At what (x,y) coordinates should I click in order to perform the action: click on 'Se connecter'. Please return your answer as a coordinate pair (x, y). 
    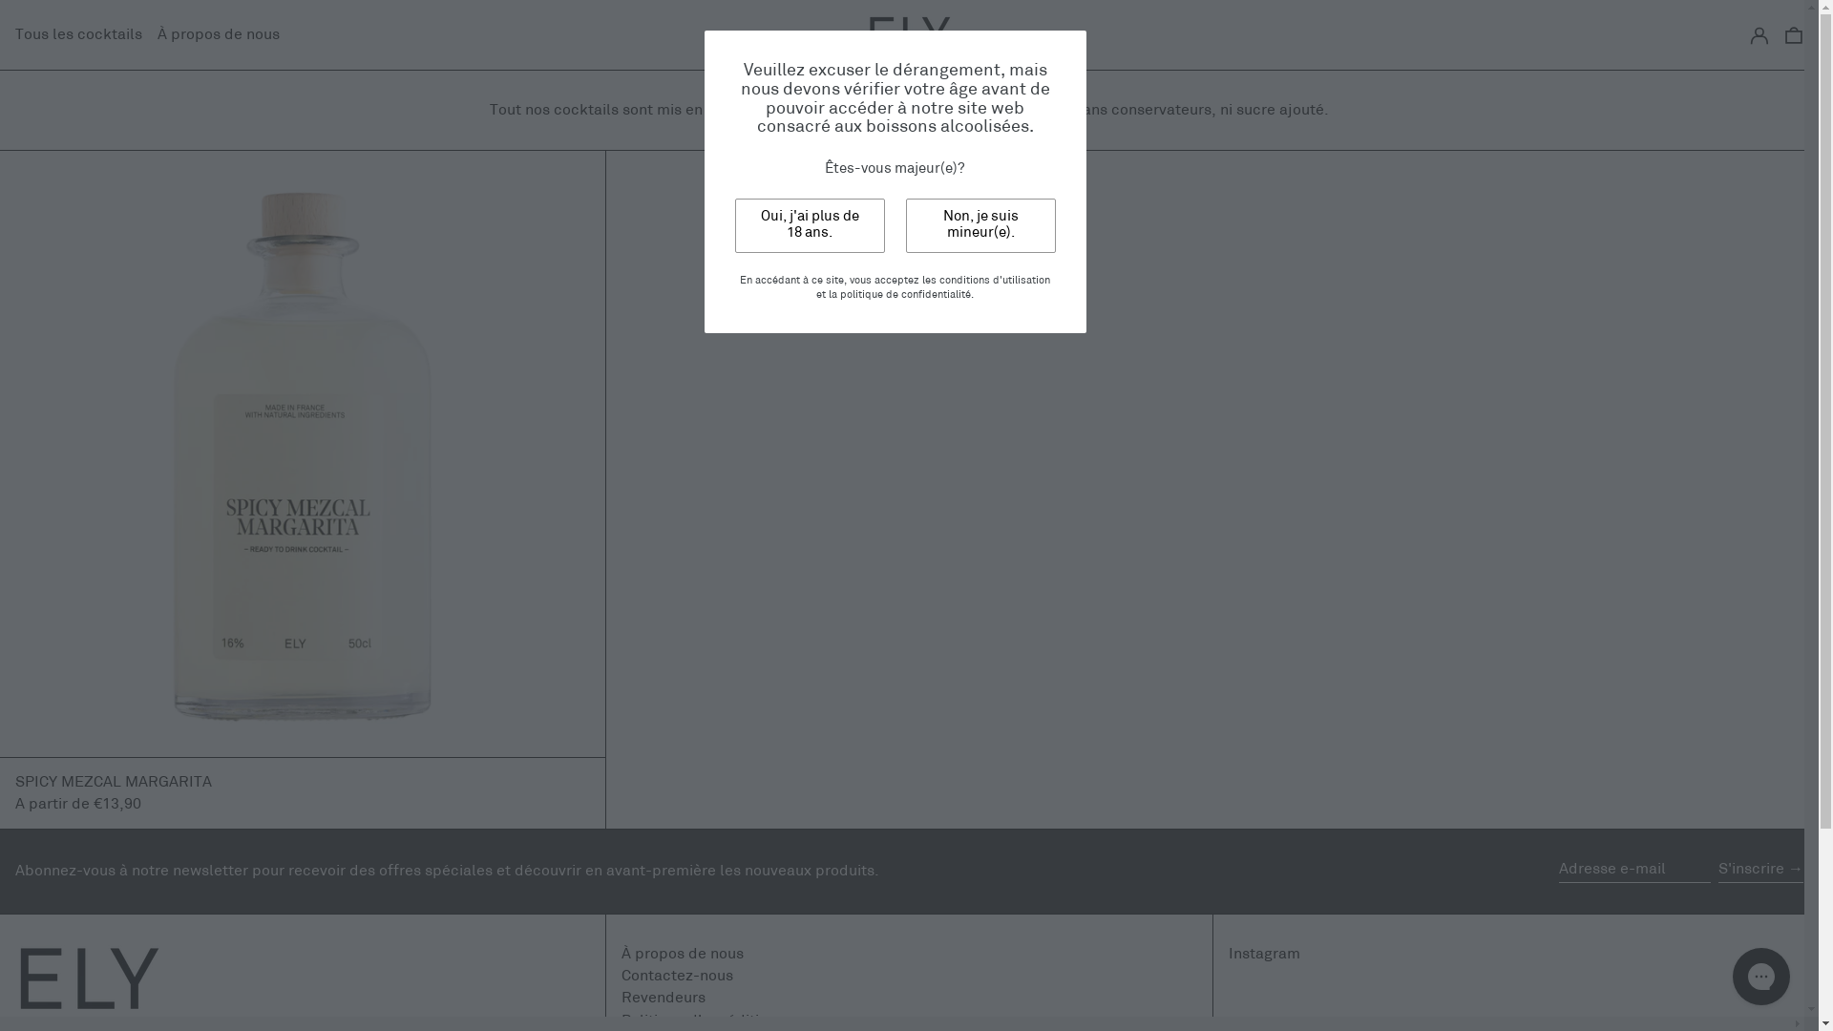
    Looking at the image, I should click on (1750, 34).